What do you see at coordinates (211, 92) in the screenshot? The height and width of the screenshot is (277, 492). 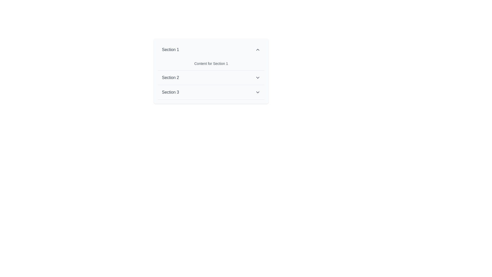 I see `the third button in the dropdown menu` at bounding box center [211, 92].